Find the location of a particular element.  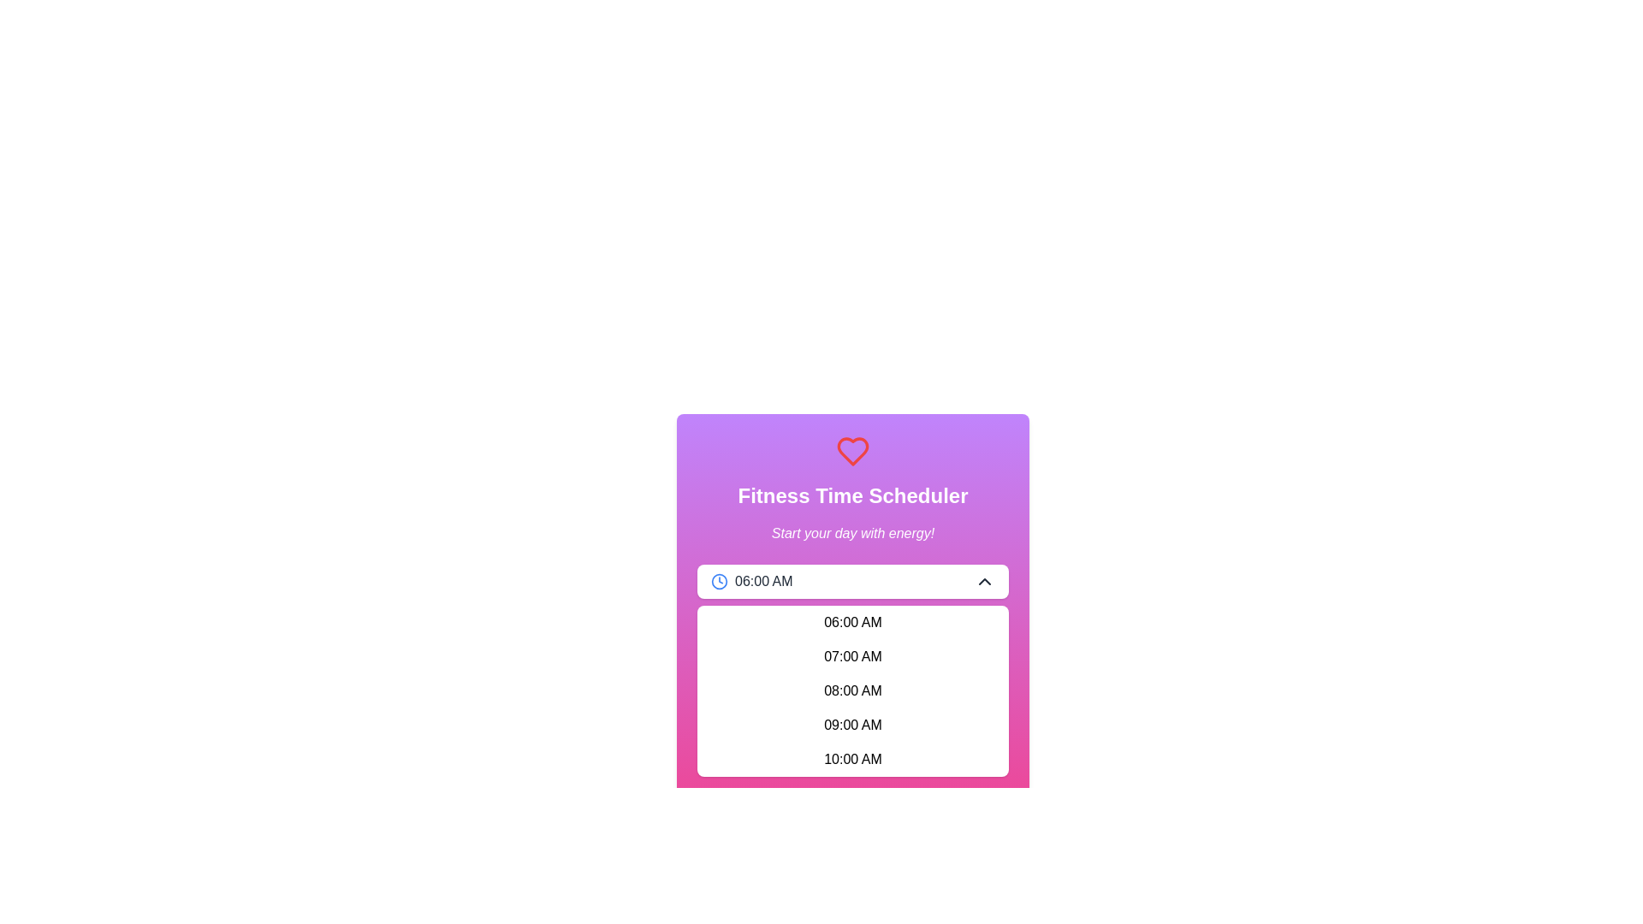

the Label with Icon displaying '06:00 AM' and a blue clock icon on its left, styled in bold sans-serif font, located in the top-left section of a white rectangular area is located at coordinates (751, 580).